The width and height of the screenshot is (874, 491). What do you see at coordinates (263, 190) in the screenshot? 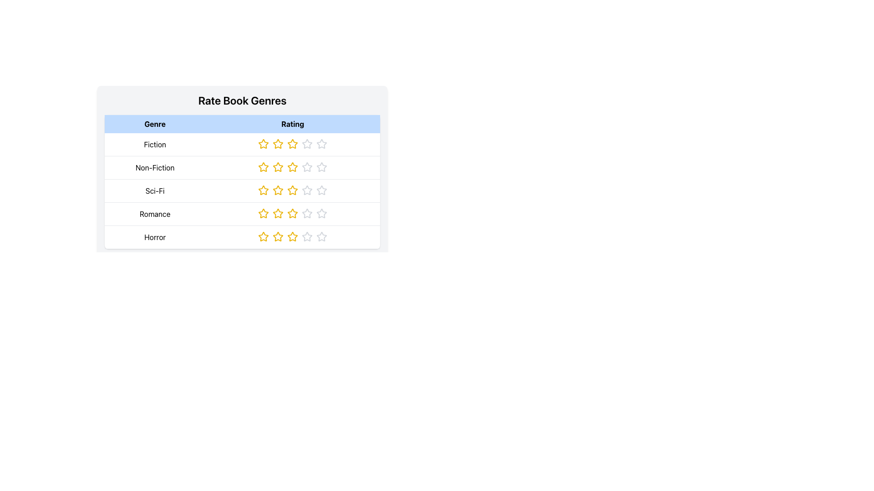
I see `the interactive yellow star icon for the 'Sci-Fi' genre rating, which is the leftmost star in its group, to receive interaction feedback` at bounding box center [263, 190].